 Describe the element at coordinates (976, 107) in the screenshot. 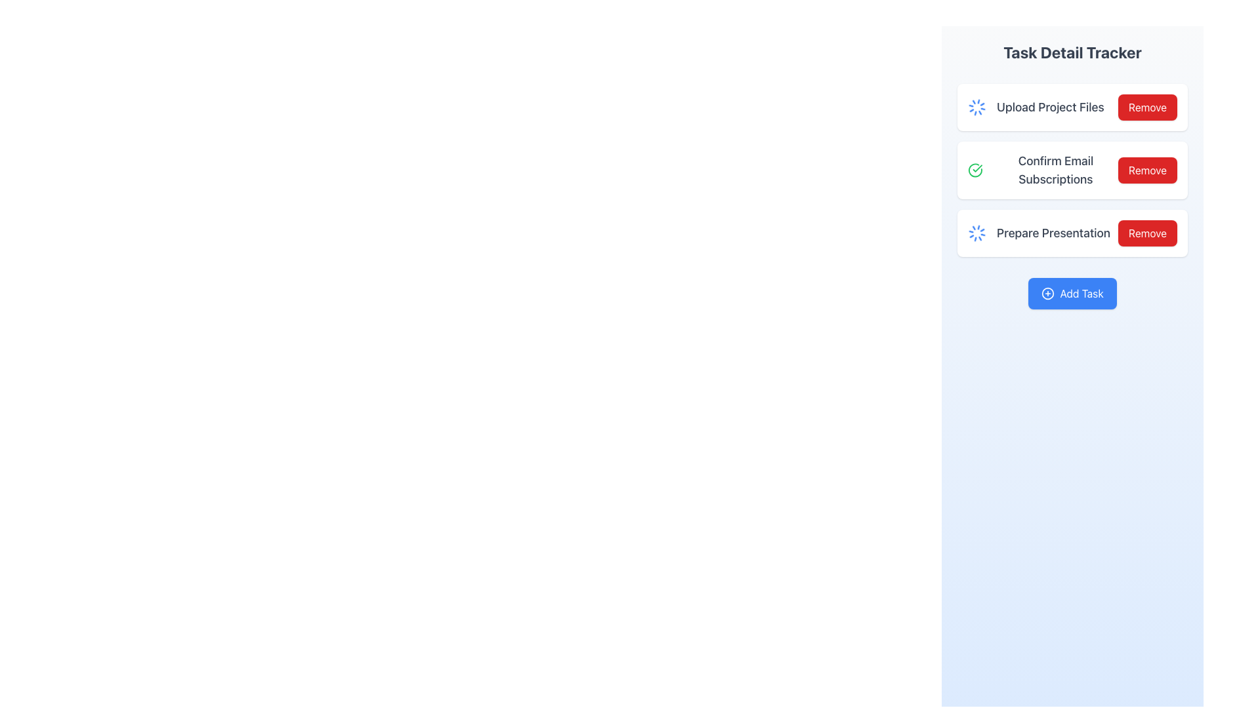

I see `the circular loader icon with spinning blue radial lines, located to the left of the 'Upload Project Files' row in the 'Task Detail Tracker' section` at that location.